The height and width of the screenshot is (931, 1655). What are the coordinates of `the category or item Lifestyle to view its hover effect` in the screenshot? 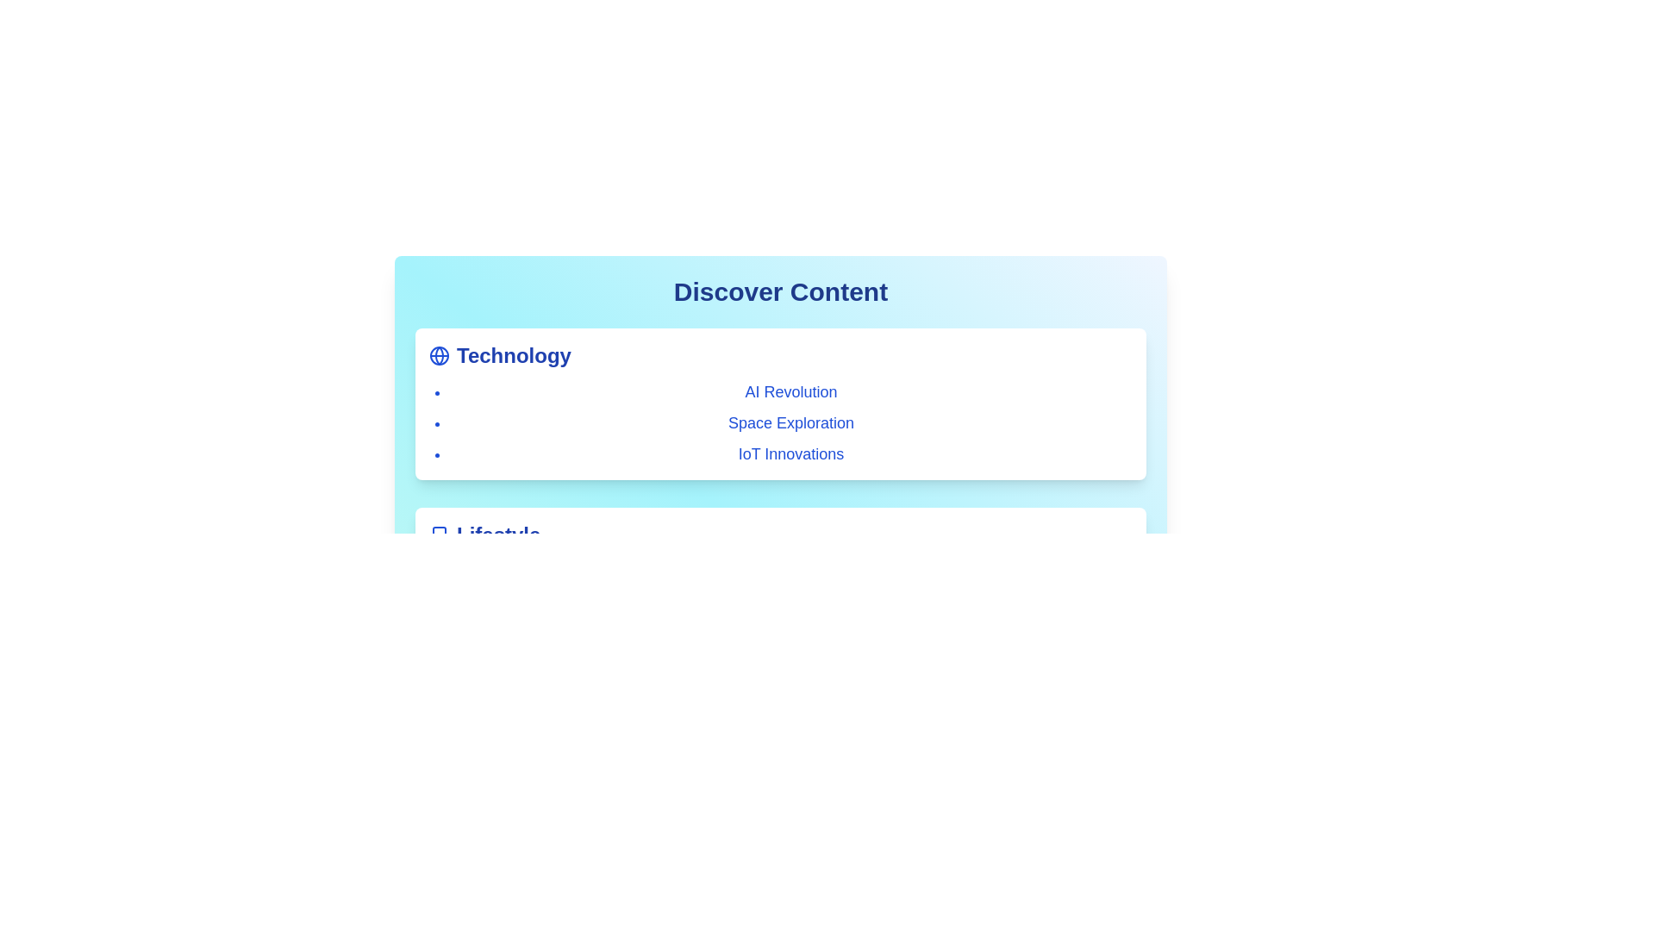 It's located at (439, 534).